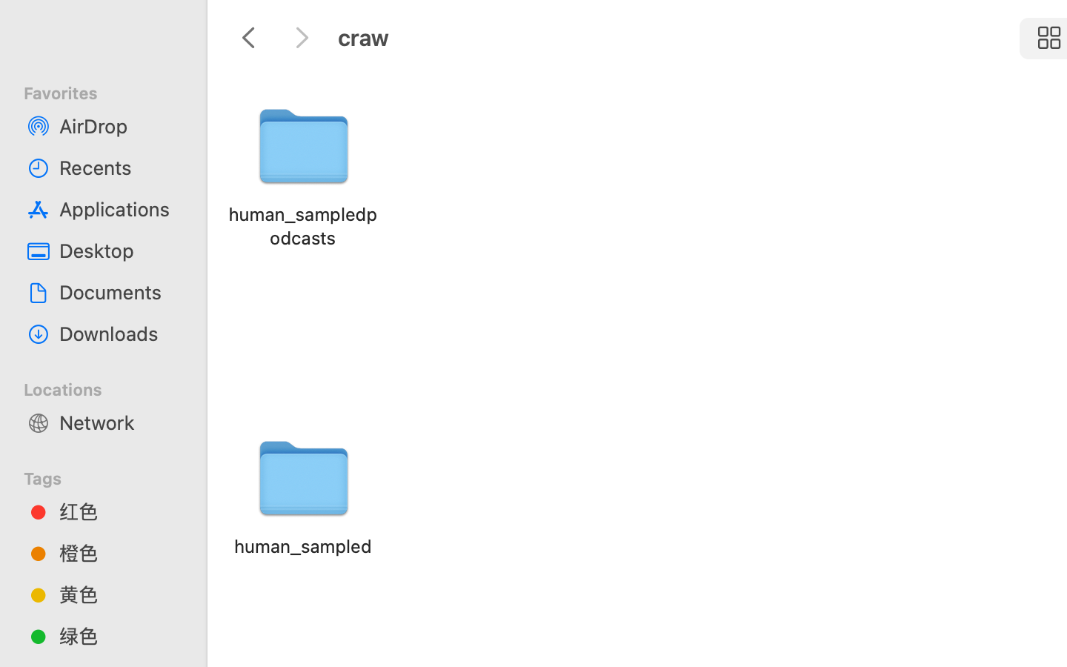 This screenshot has width=1067, height=667. Describe the element at coordinates (111, 386) in the screenshot. I see `'Locations'` at that location.